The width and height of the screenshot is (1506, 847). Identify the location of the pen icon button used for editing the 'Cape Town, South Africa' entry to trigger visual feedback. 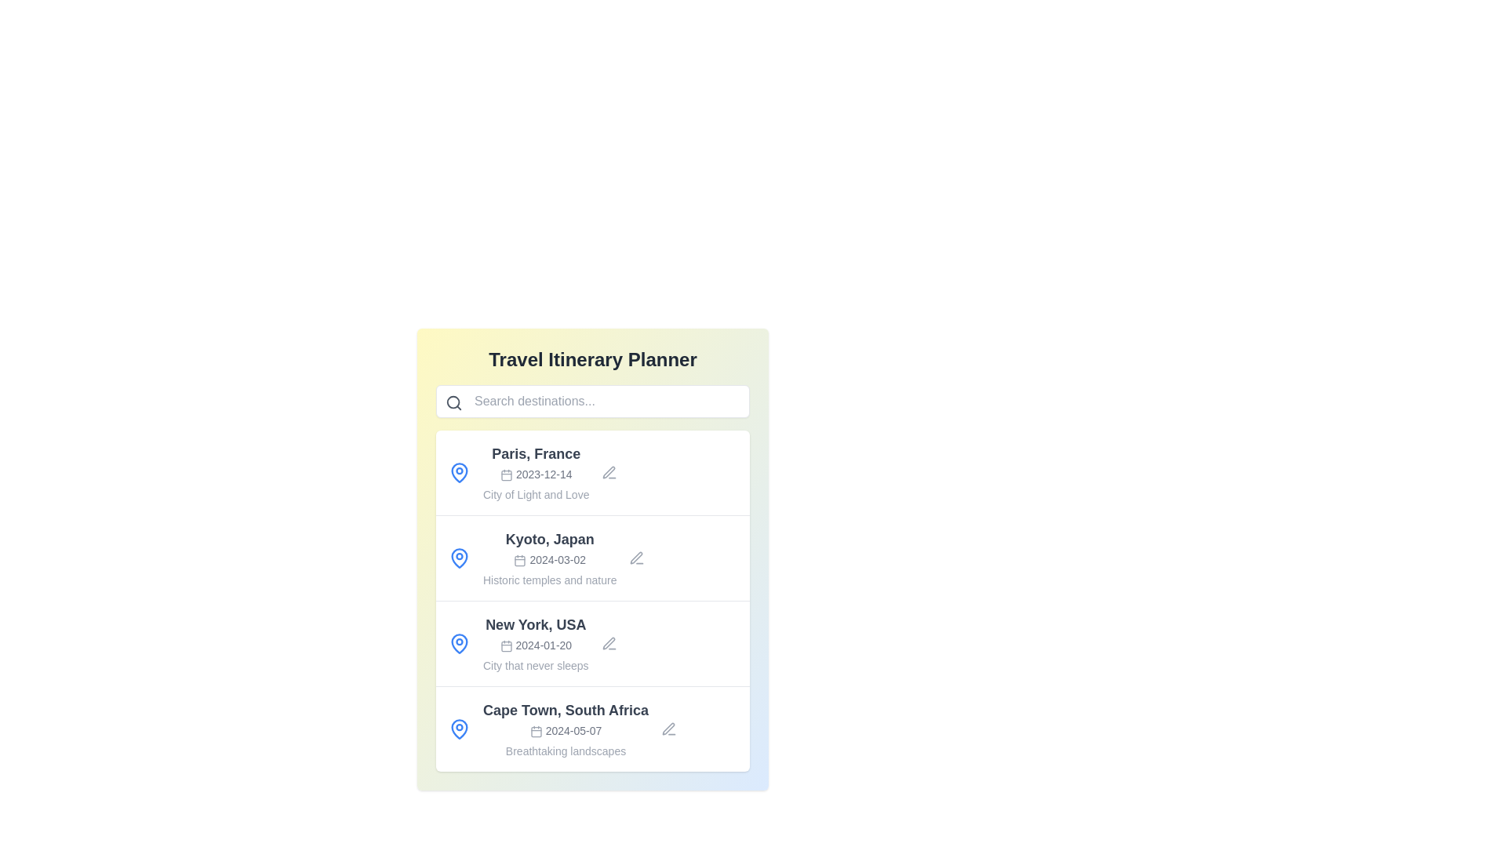
(669, 729).